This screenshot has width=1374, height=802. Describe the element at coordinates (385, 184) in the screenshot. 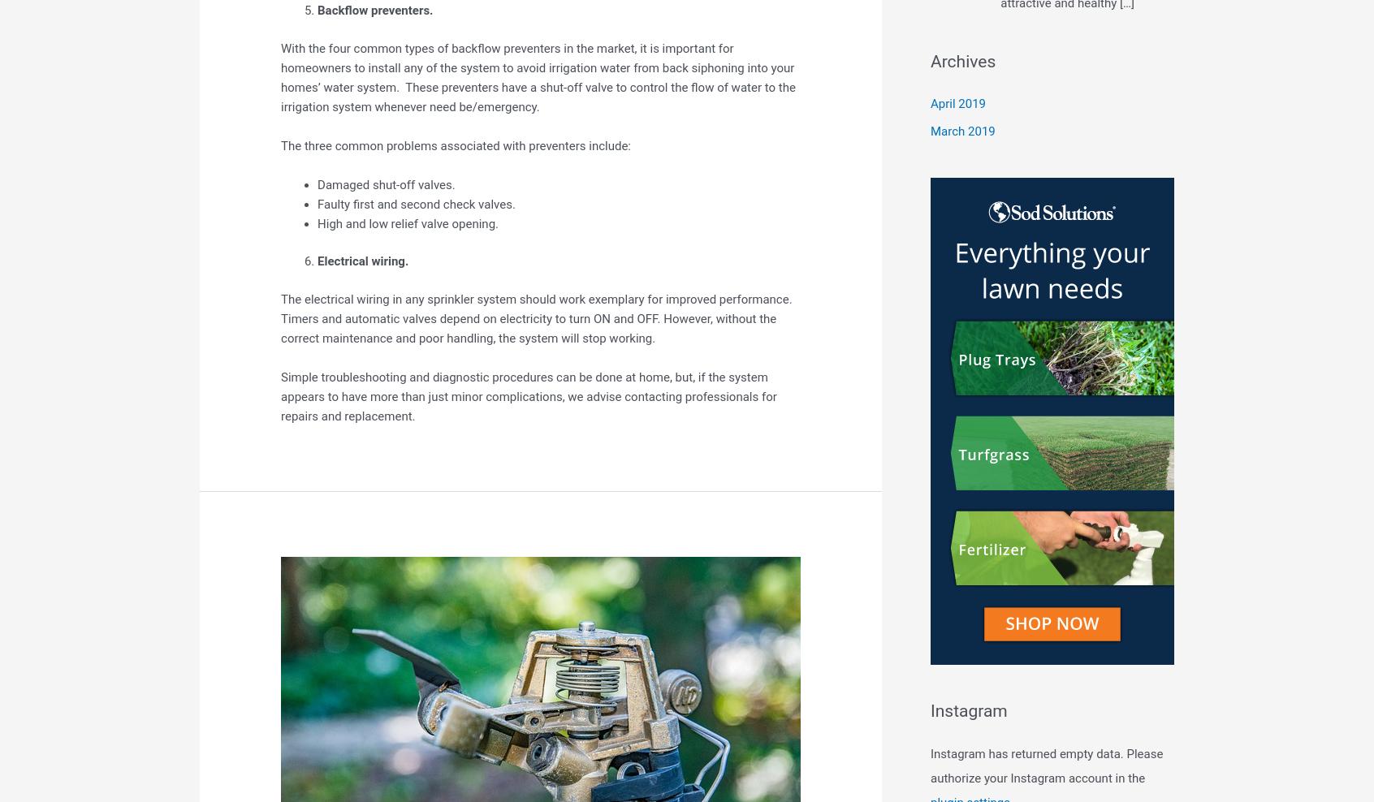

I see `'Damaged shut-off valves.'` at that location.